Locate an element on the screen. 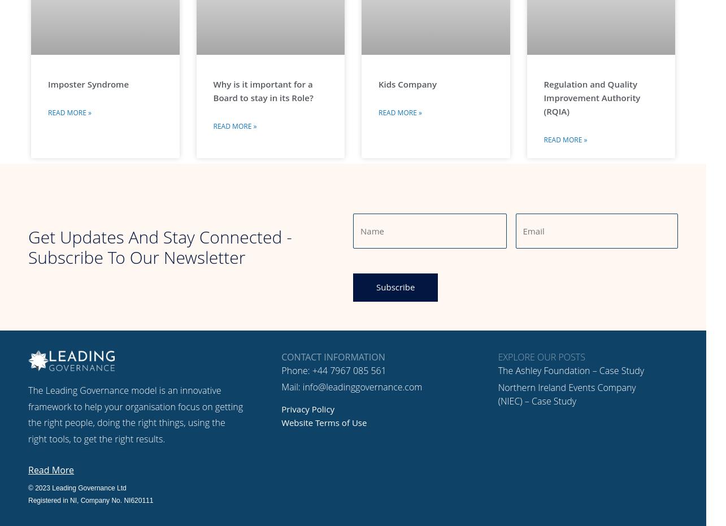  'Contact Information' is located at coordinates (333, 357).